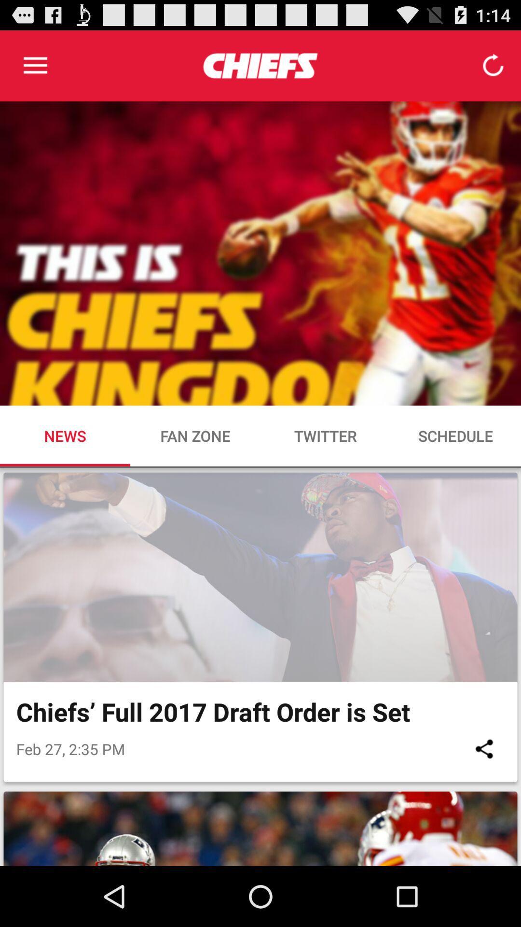  Describe the element at coordinates (484, 748) in the screenshot. I see `the icon at the bottom right corner` at that location.